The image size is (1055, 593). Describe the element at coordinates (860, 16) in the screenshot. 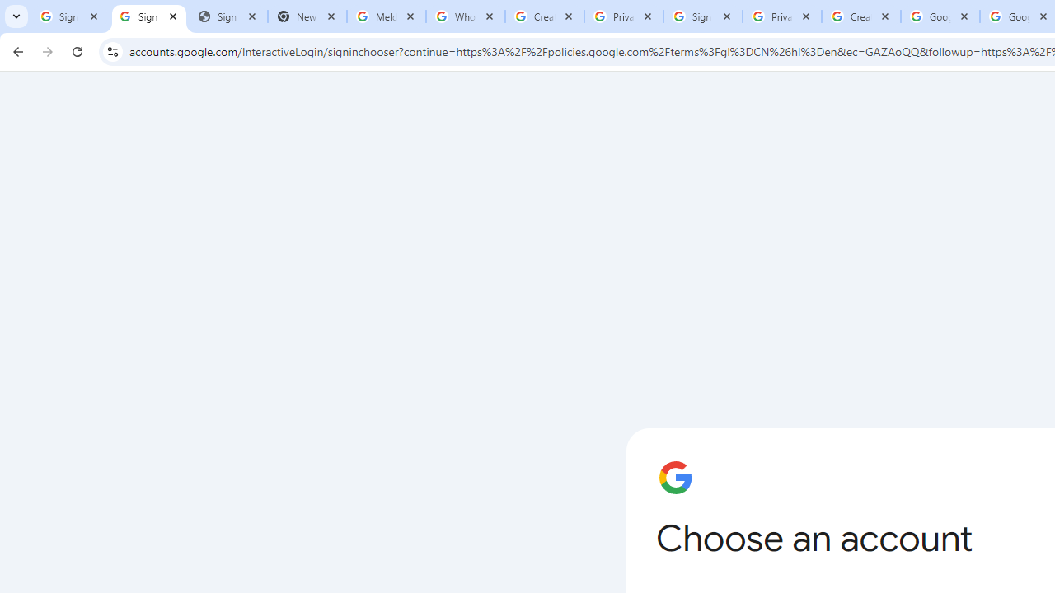

I see `'Create your Google Account'` at that location.